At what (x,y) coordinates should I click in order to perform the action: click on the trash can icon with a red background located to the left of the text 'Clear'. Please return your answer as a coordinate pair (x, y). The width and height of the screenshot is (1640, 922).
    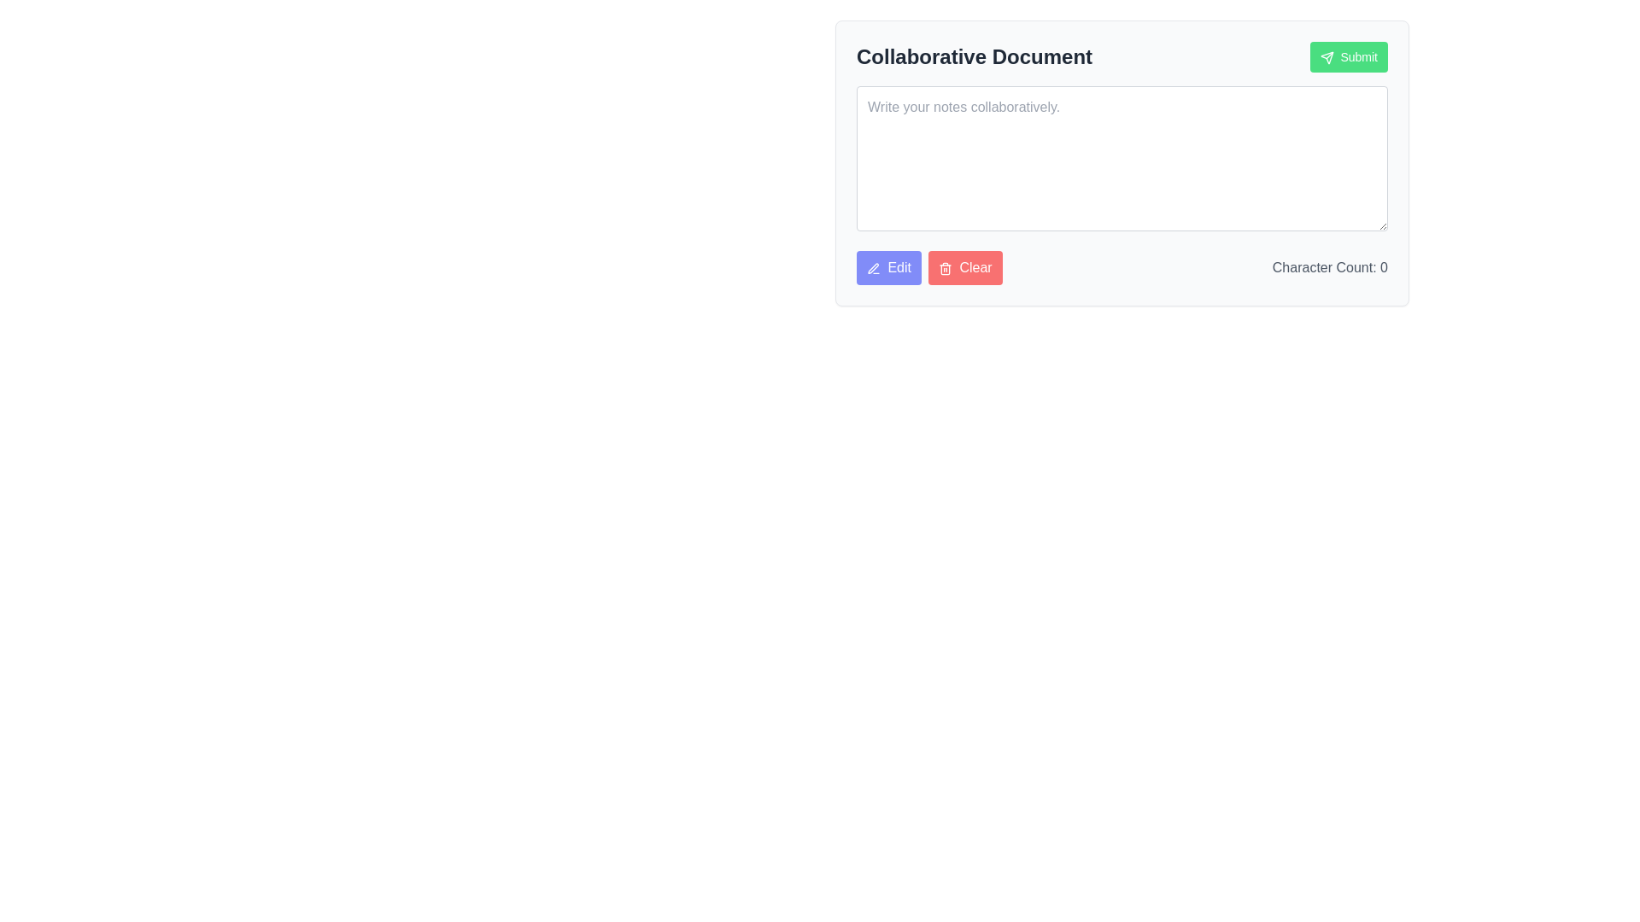
    Looking at the image, I should click on (945, 268).